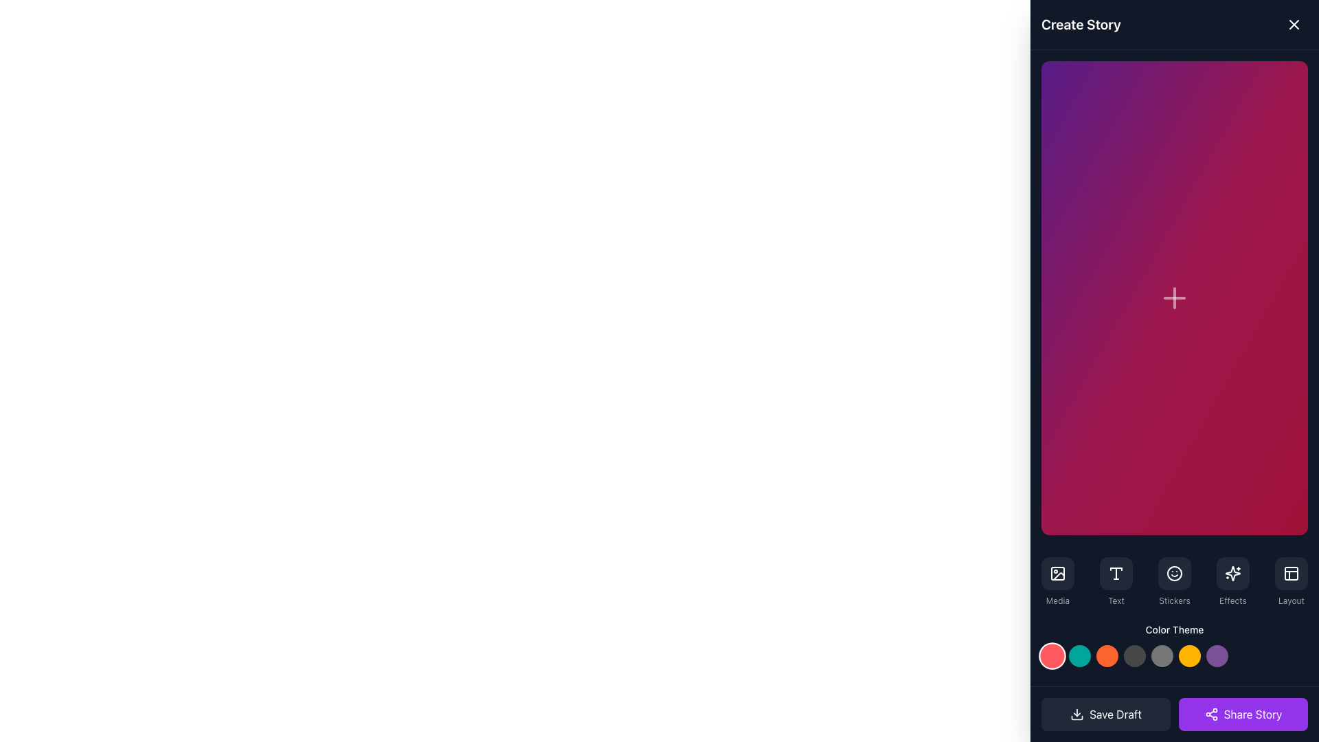  I want to click on the 'Stickers' button in the horizontal menu bar located near the bottom of the interface, so click(1173, 581).